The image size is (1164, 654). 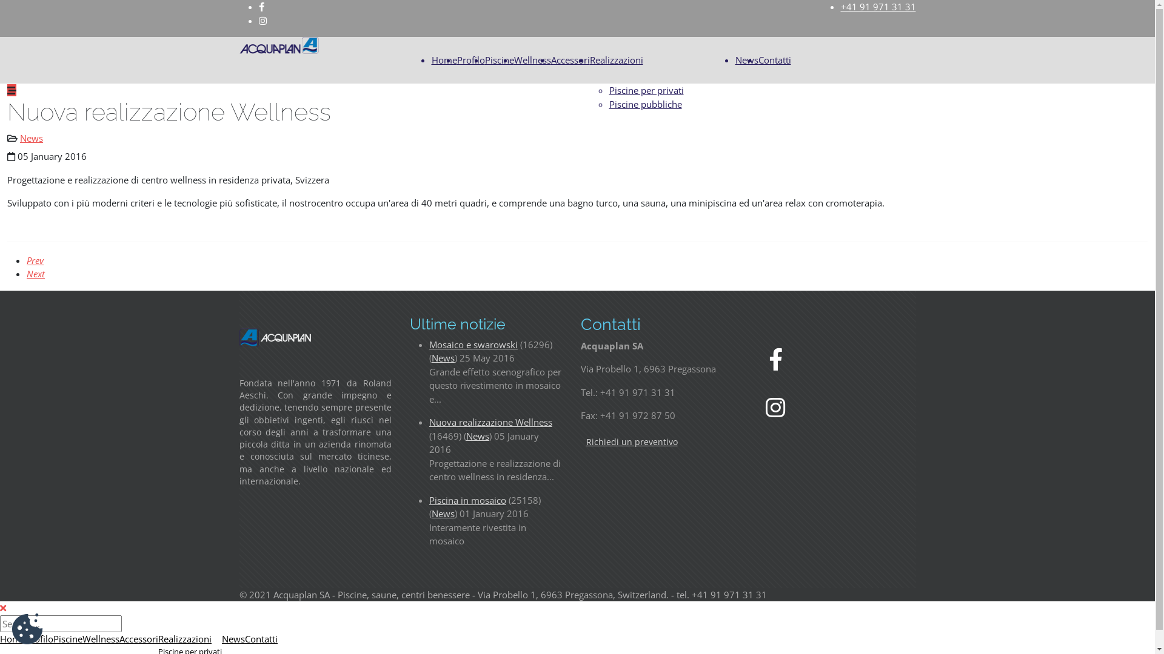 What do you see at coordinates (878, 7) in the screenshot?
I see `'+41 91 971 31 31'` at bounding box center [878, 7].